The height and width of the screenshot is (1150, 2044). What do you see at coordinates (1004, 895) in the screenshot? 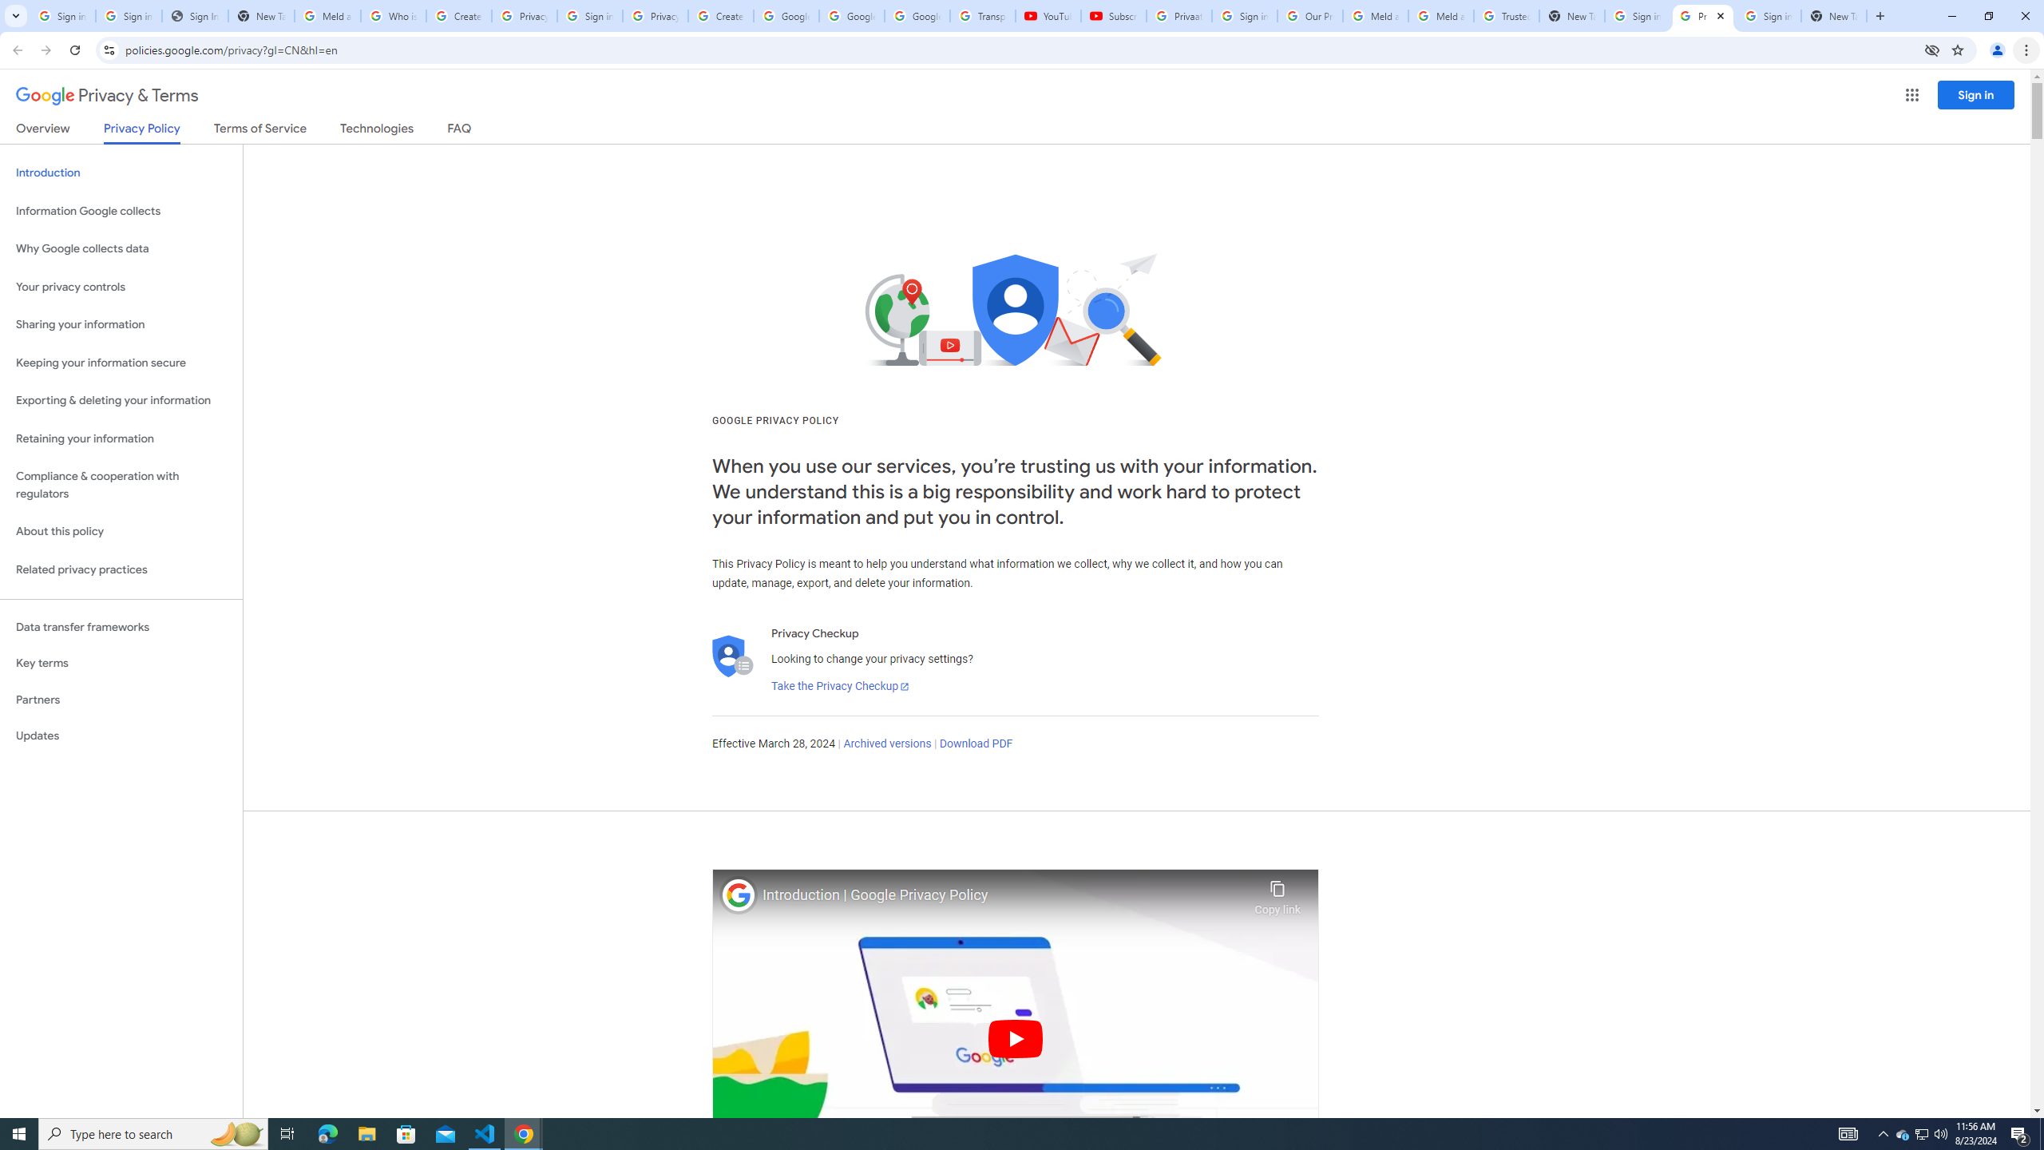
I see `'Introduction | Google Privacy Policy'` at bounding box center [1004, 895].